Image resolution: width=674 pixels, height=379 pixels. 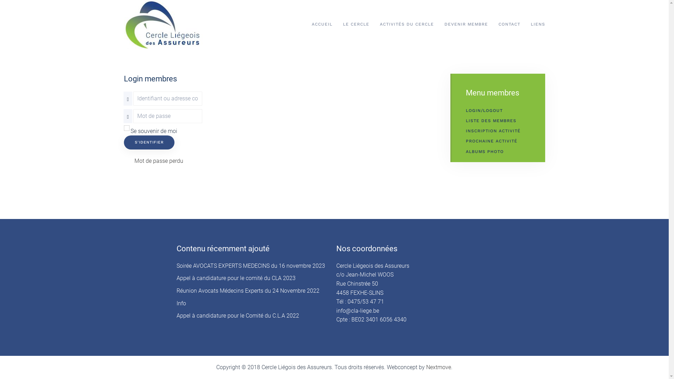 I want to click on 'Info', so click(x=176, y=303).